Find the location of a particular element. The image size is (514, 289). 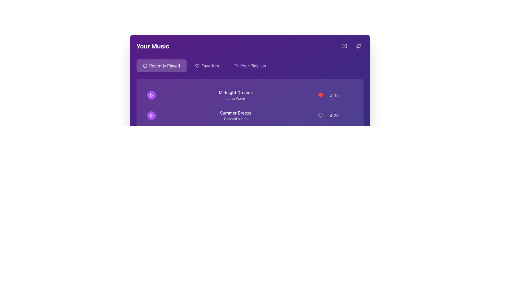

the Text element that serves as the title and subtitle of a track, centrally located in the second row of the playlist section is located at coordinates (236, 95).